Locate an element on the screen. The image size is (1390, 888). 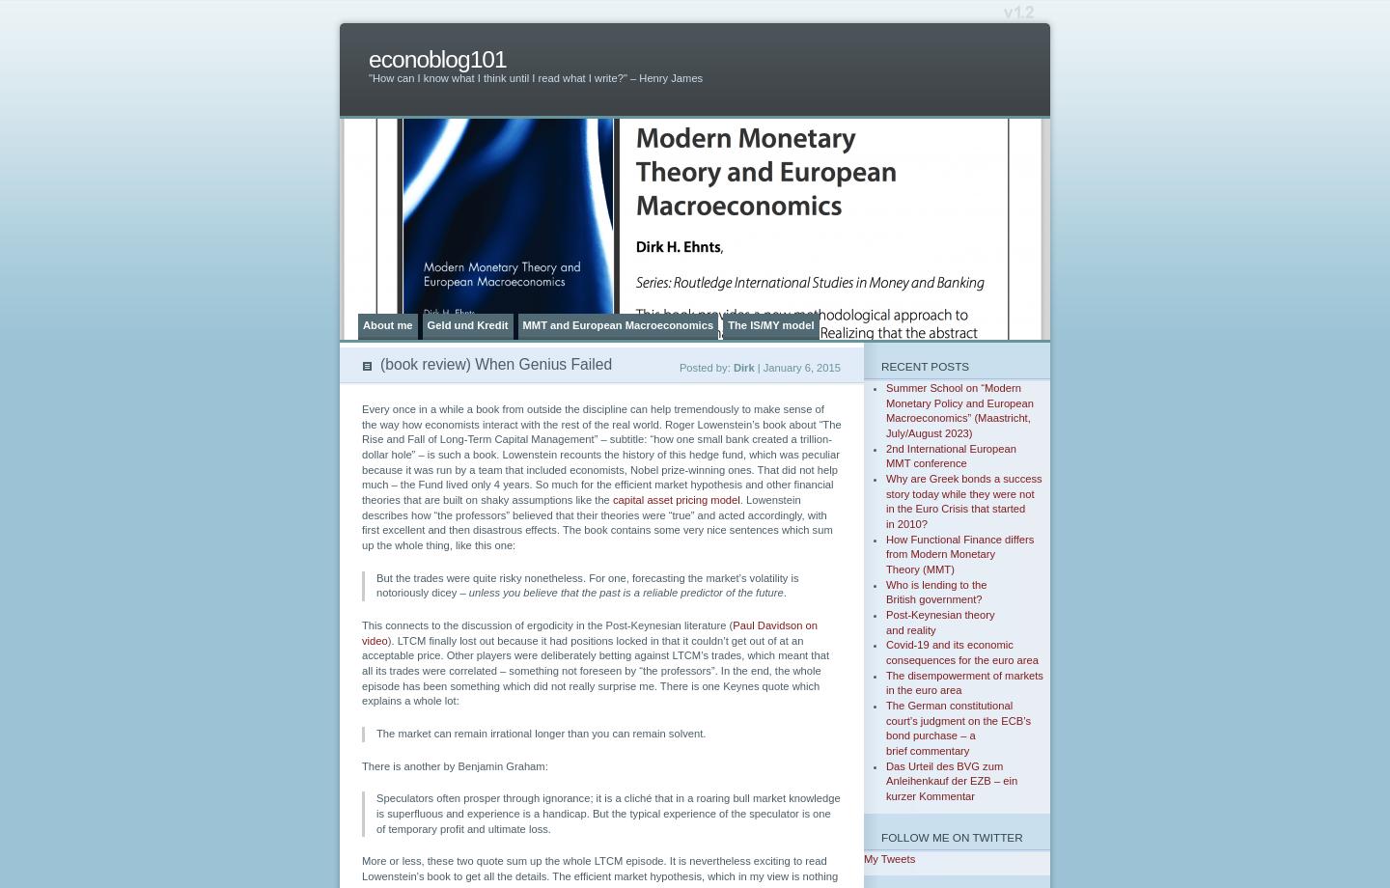
'Dirk' is located at coordinates (741, 366).